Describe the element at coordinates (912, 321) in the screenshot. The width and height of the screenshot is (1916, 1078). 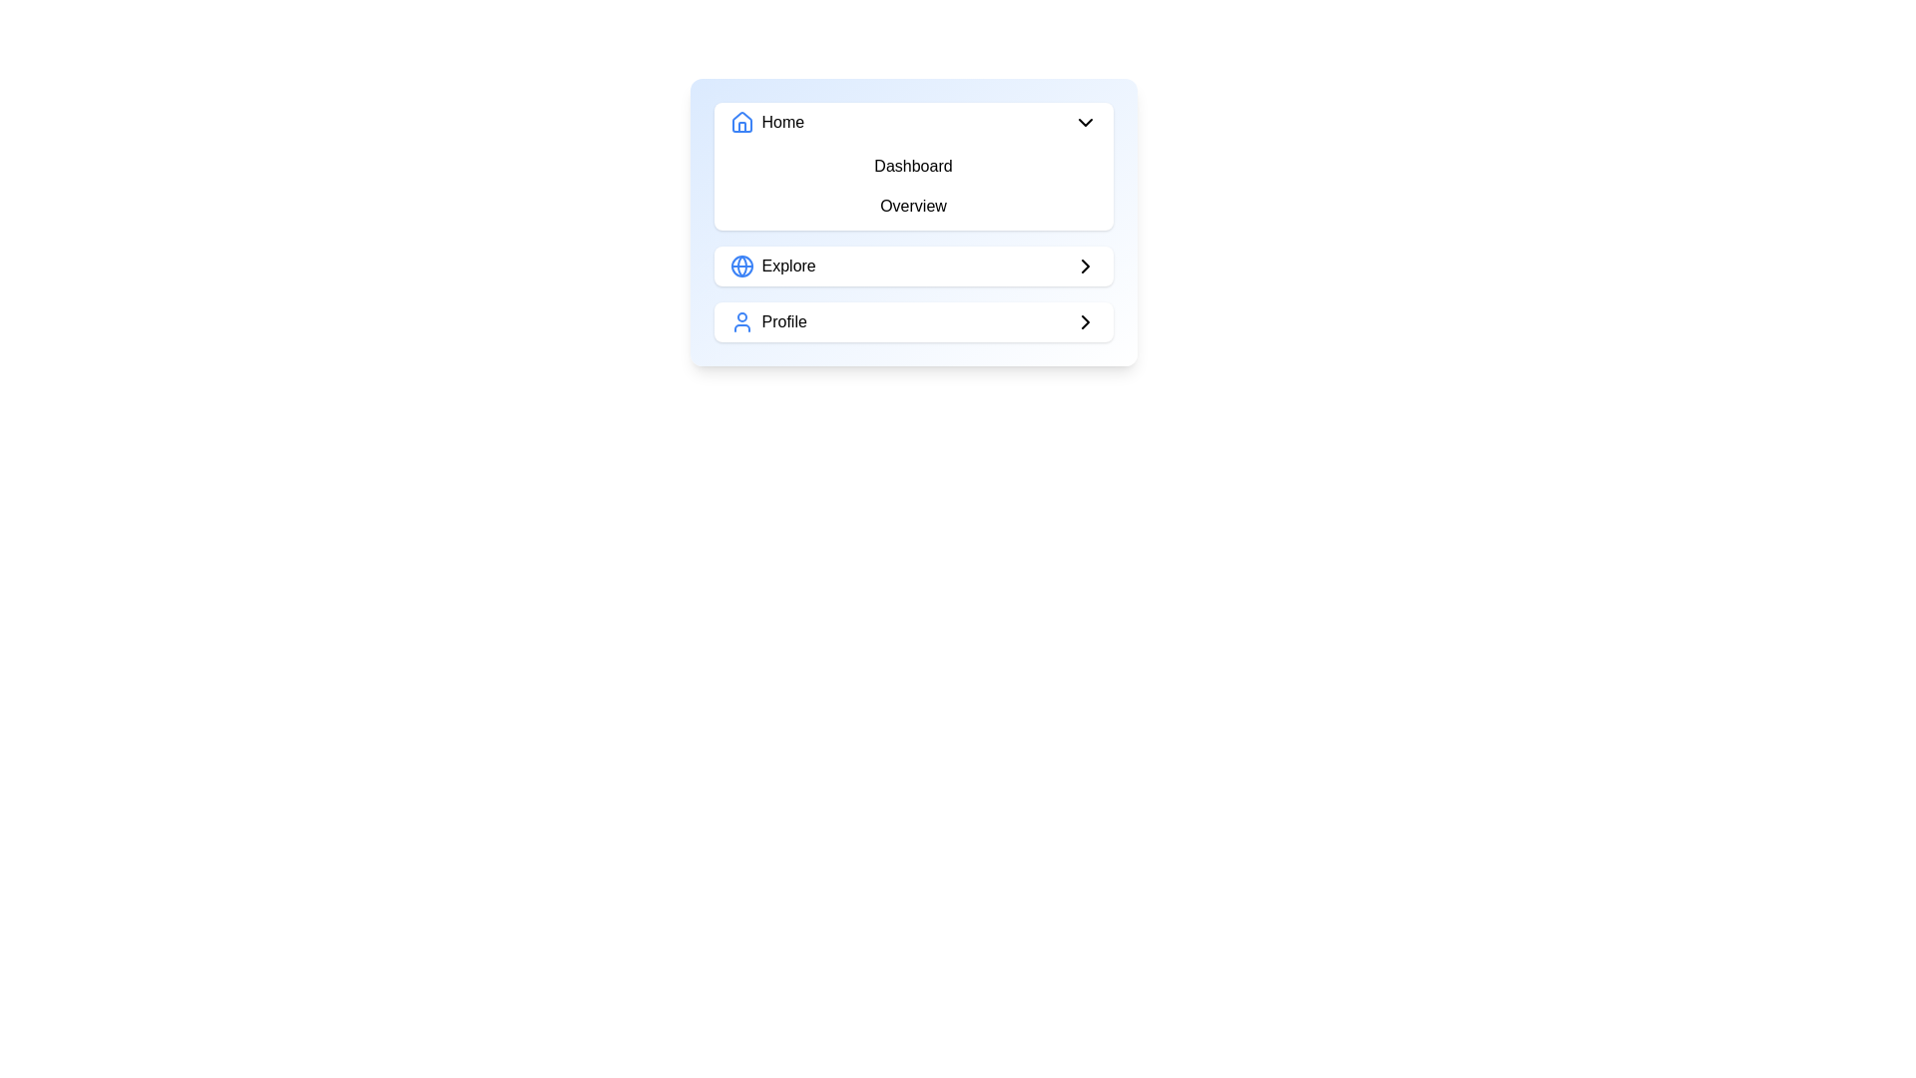
I see `the Profile button, the last element in the vertical list of navigational options` at that location.